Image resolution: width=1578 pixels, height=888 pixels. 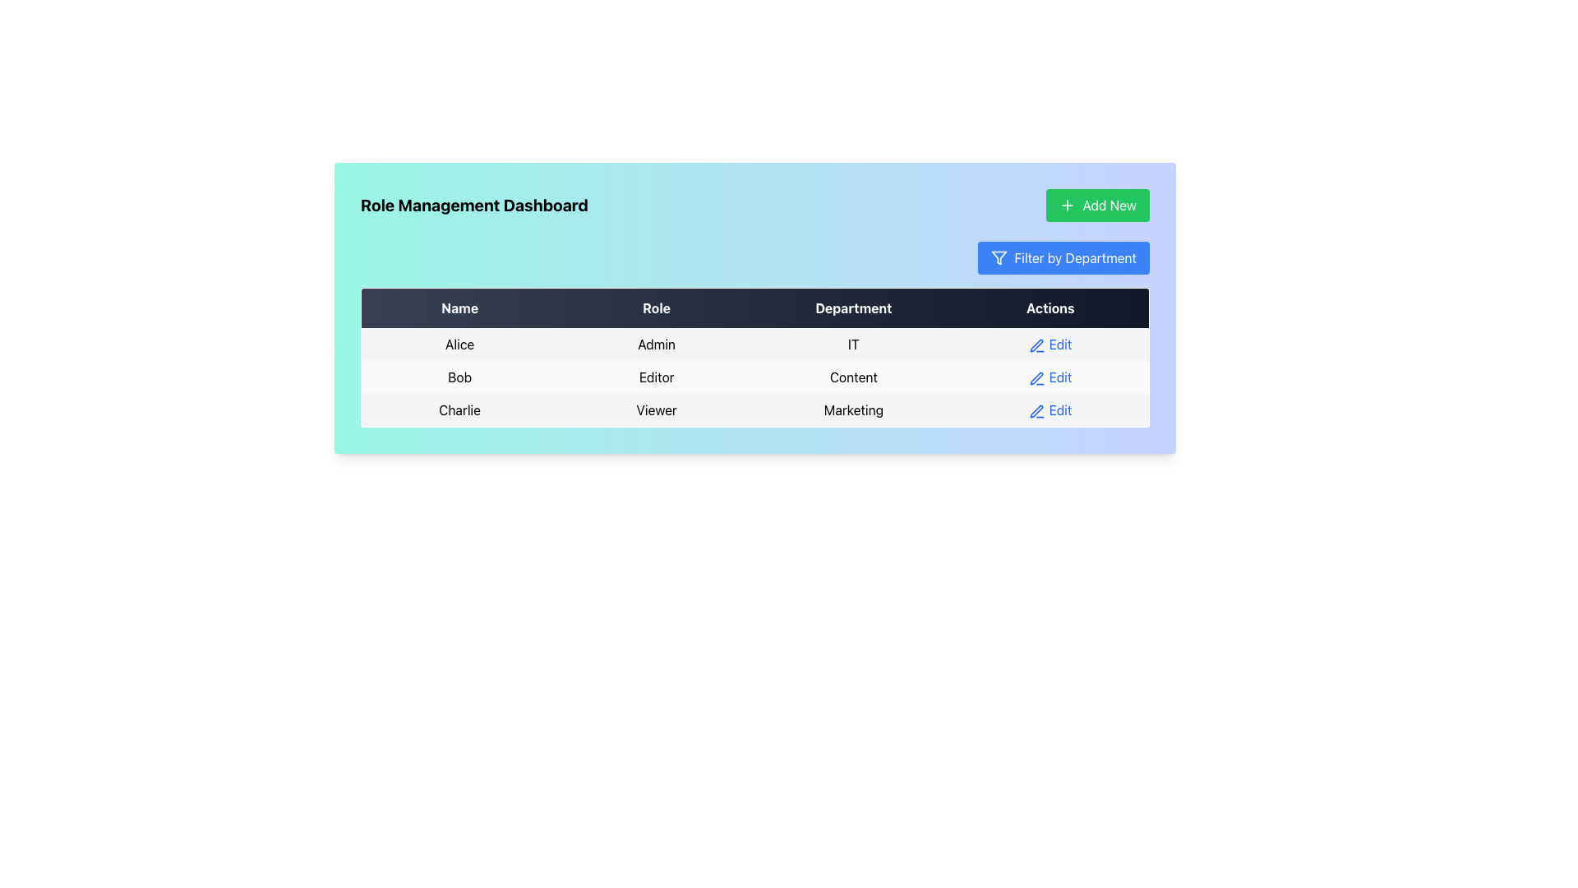 I want to click on the 'Name' column header in the table, so click(x=459, y=308).